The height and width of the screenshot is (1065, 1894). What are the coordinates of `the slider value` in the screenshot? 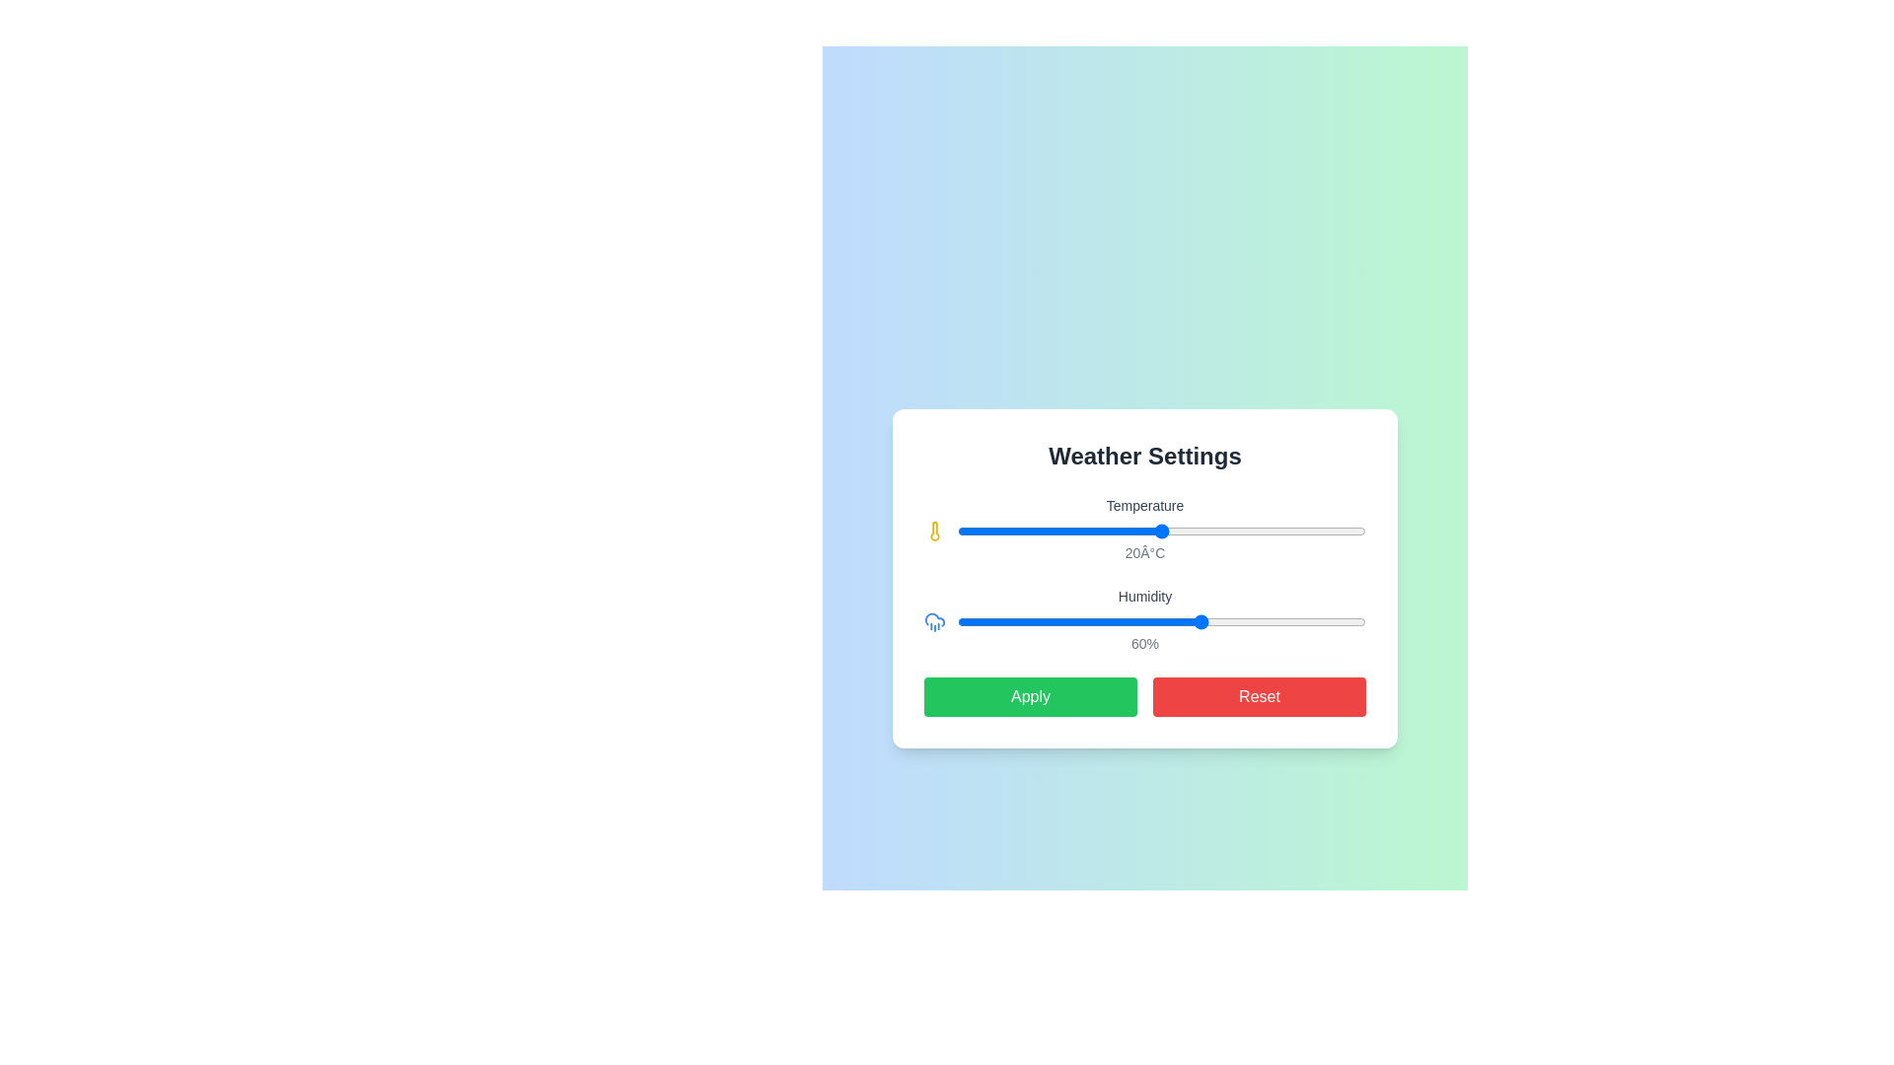 It's located at (998, 622).